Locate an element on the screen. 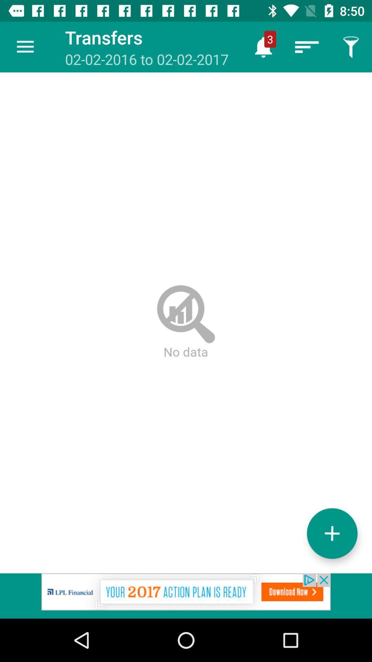  advertisement option is located at coordinates (186, 595).